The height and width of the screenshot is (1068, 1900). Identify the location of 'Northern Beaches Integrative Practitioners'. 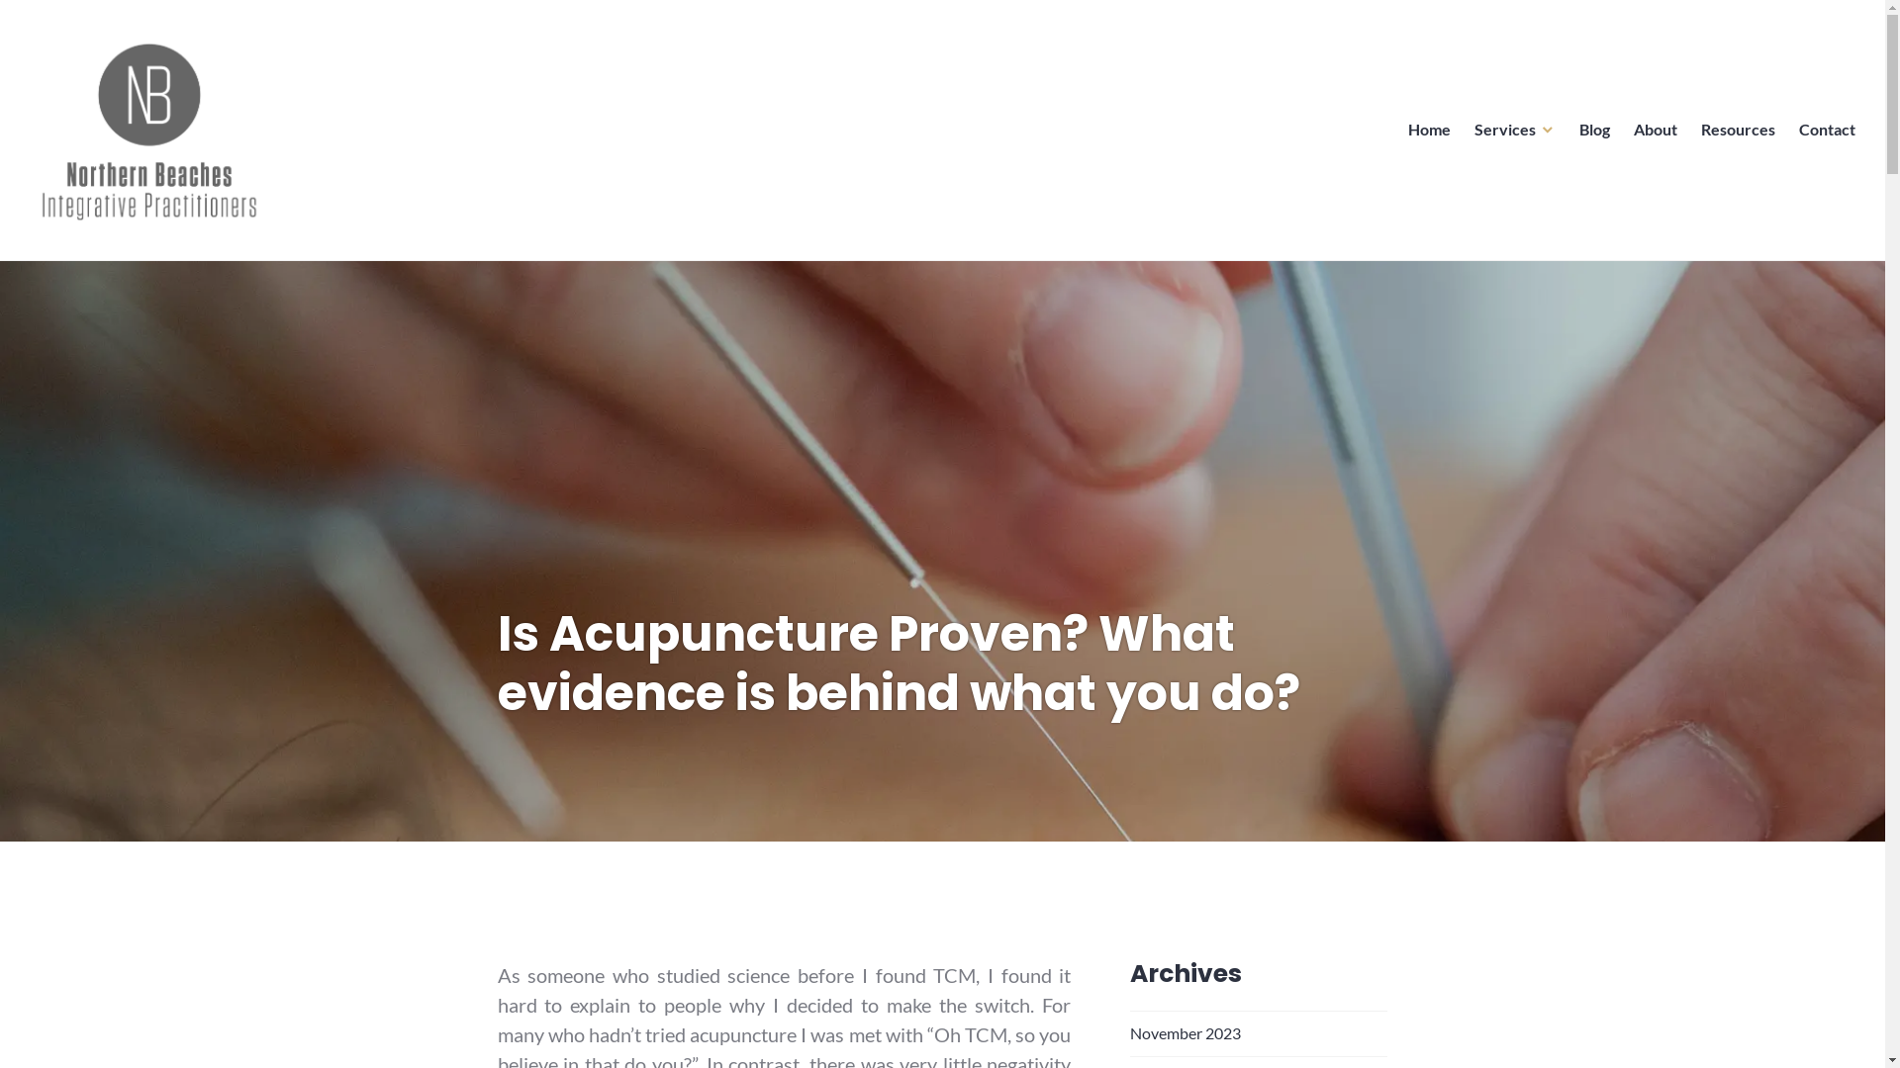
(306, 256).